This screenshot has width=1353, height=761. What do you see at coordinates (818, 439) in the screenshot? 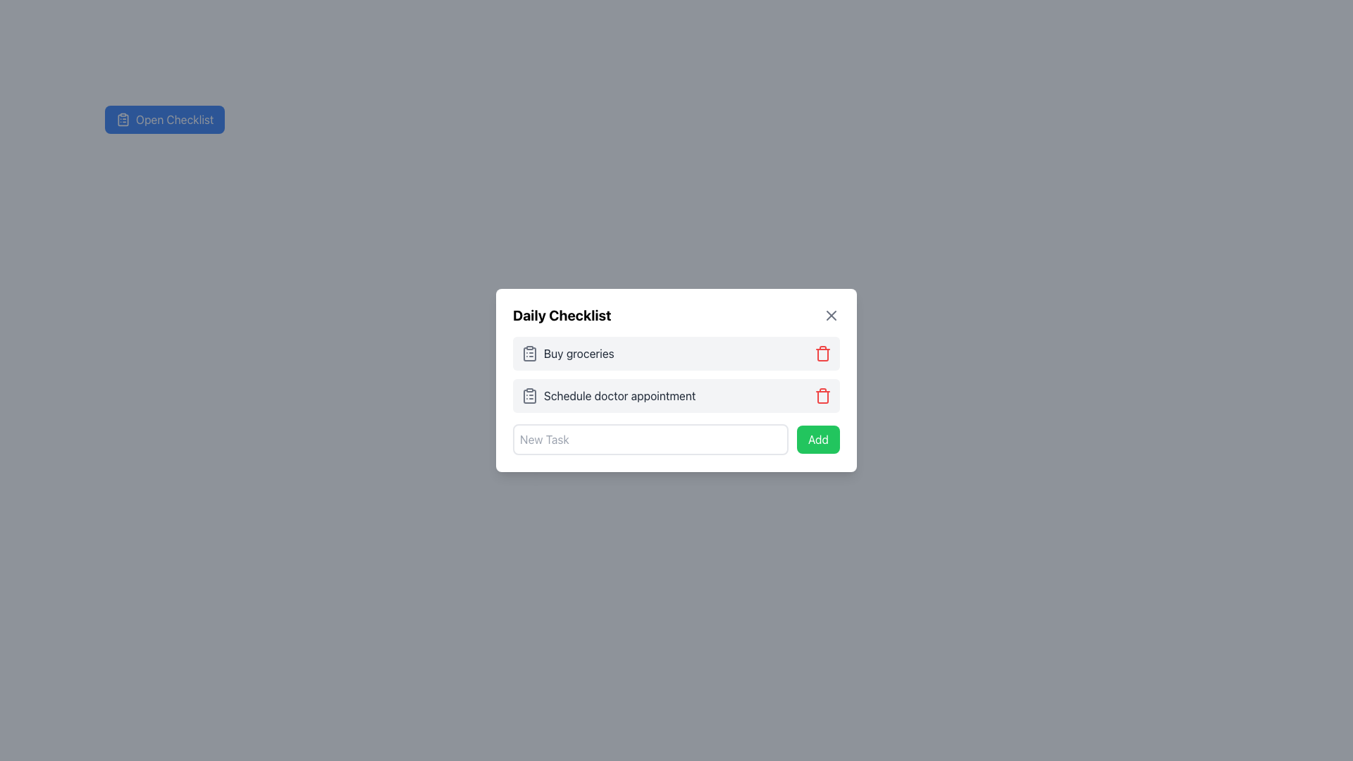
I see `the 'Add Task' button located at the bottom right of the centered modal dialog box` at bounding box center [818, 439].